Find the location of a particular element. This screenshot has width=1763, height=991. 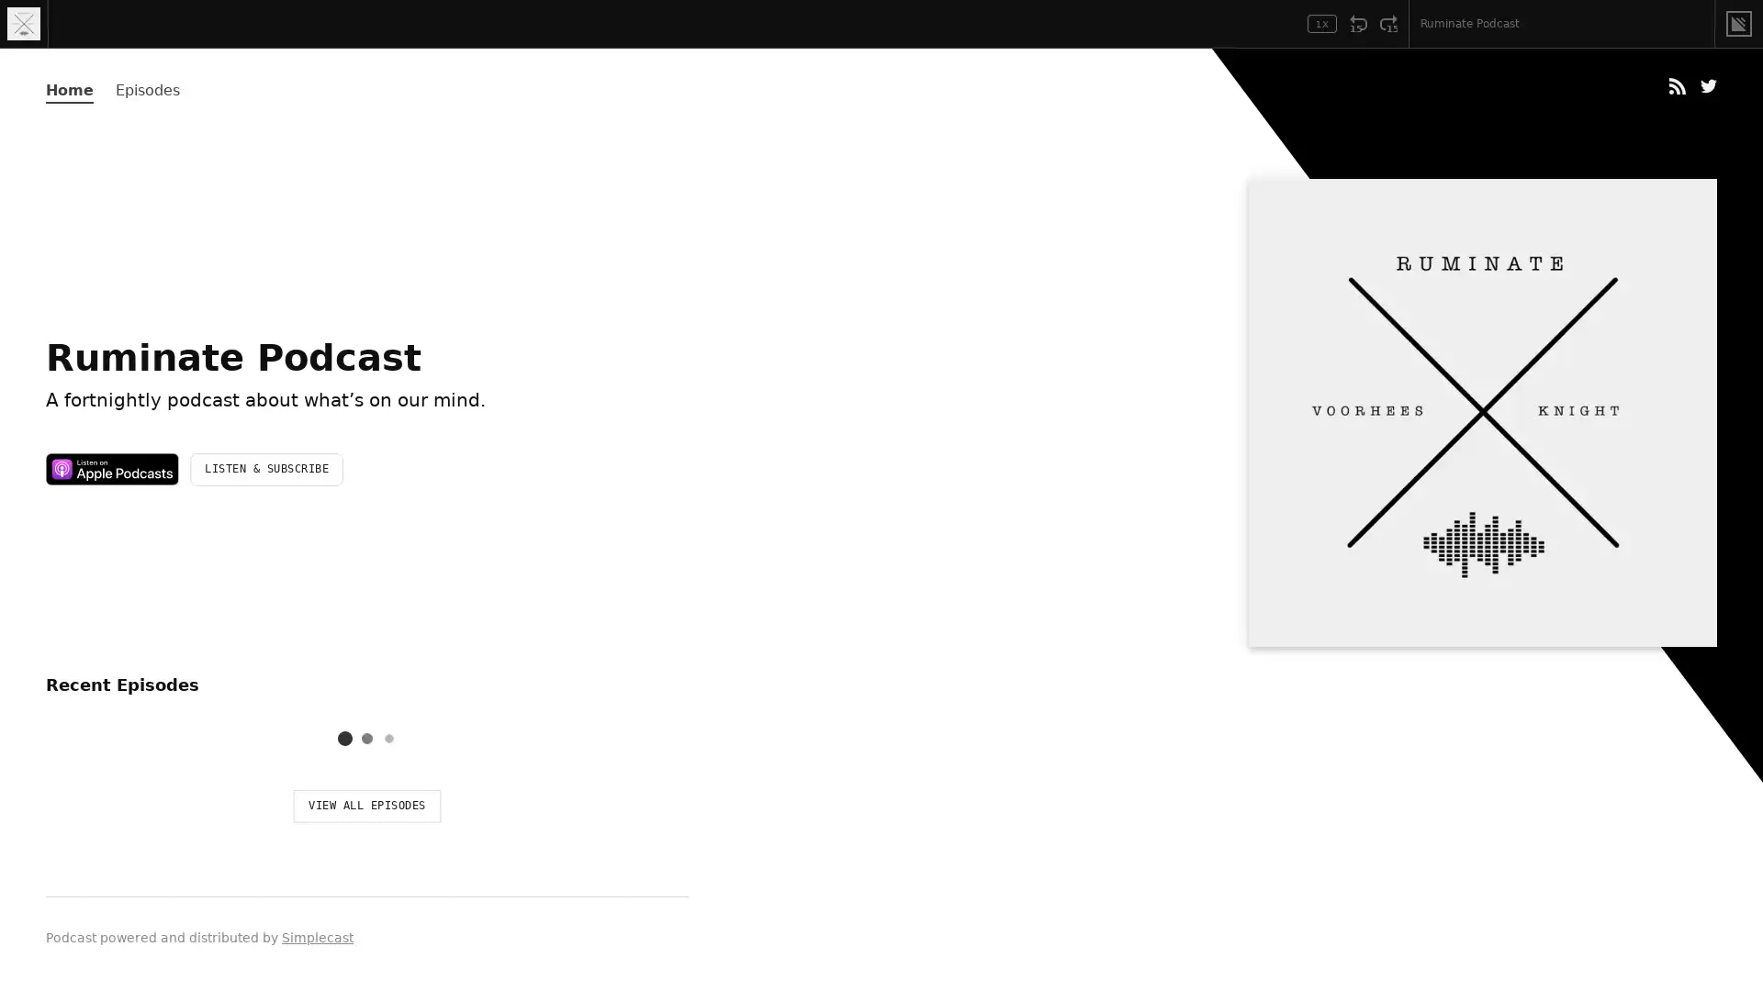

Play is located at coordinates (67, 761).